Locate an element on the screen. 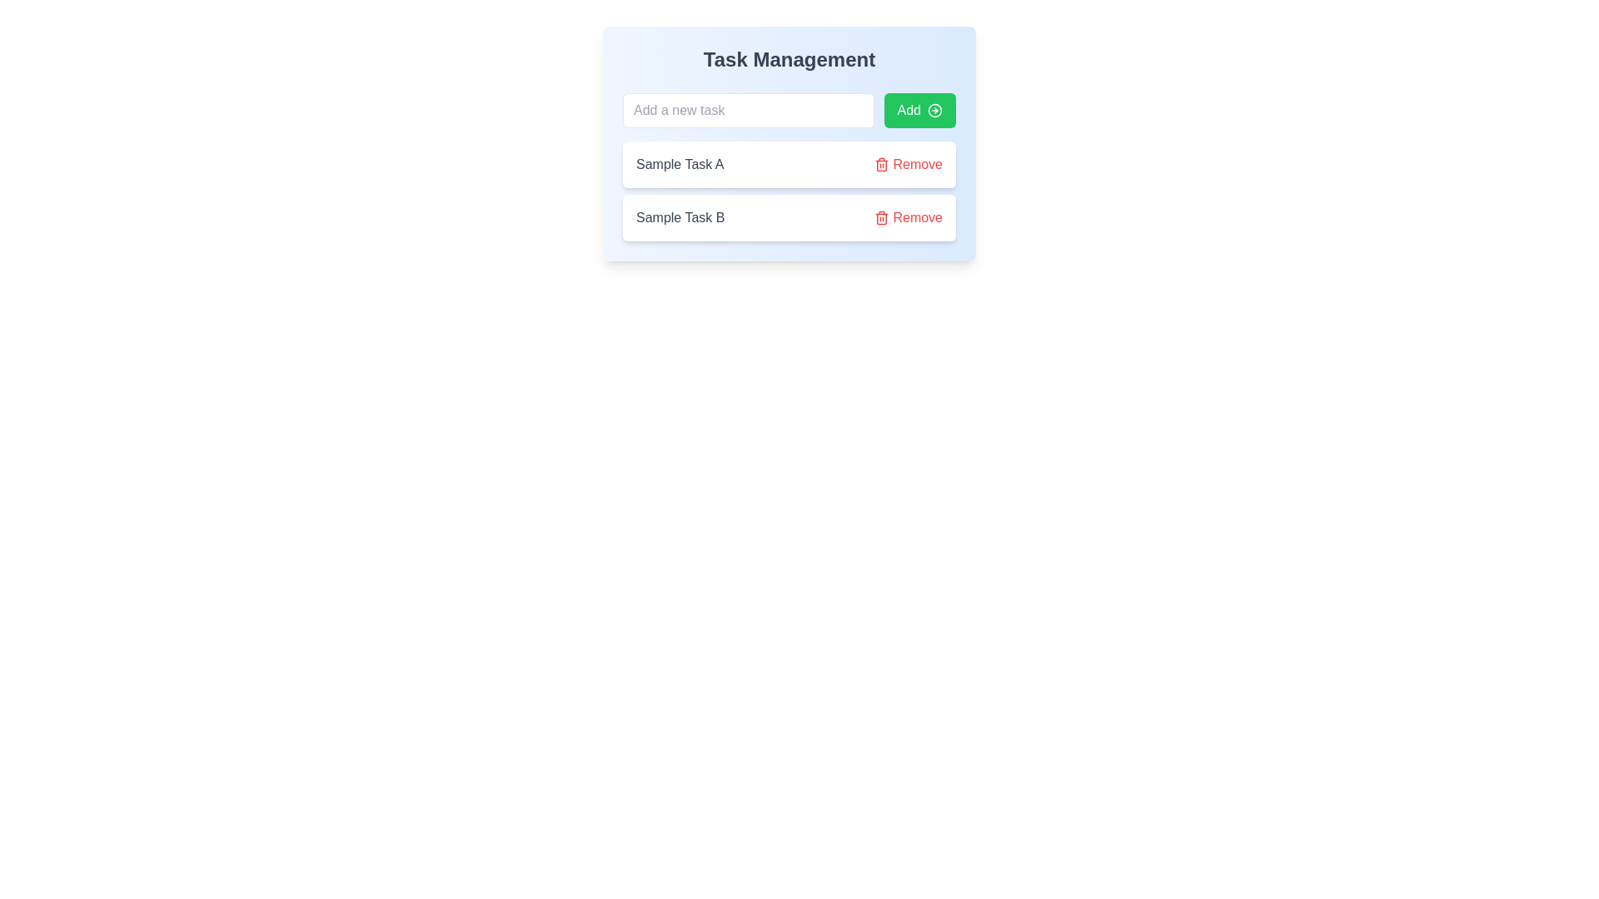 Image resolution: width=1599 pixels, height=899 pixels. the Text Label that serves as a heading for the task management section, providing context and clarity about the purpose of the interface below it is located at coordinates (789, 59).